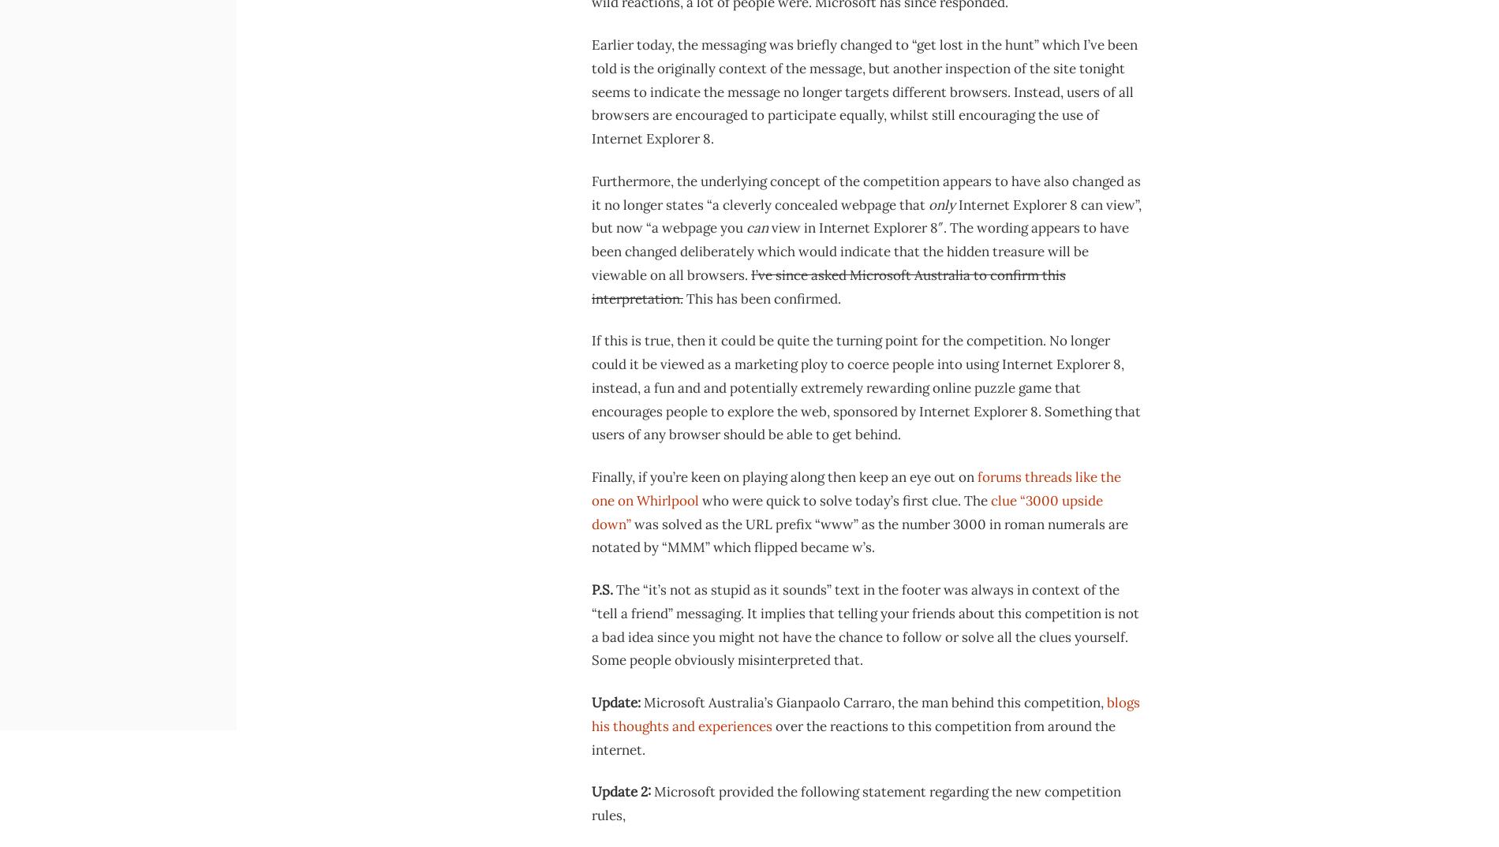 This screenshot has width=1499, height=847. I want to click on 'Microsoft Australia’s Gianpaolo Carraro, the man behind this competition,', so click(640, 701).